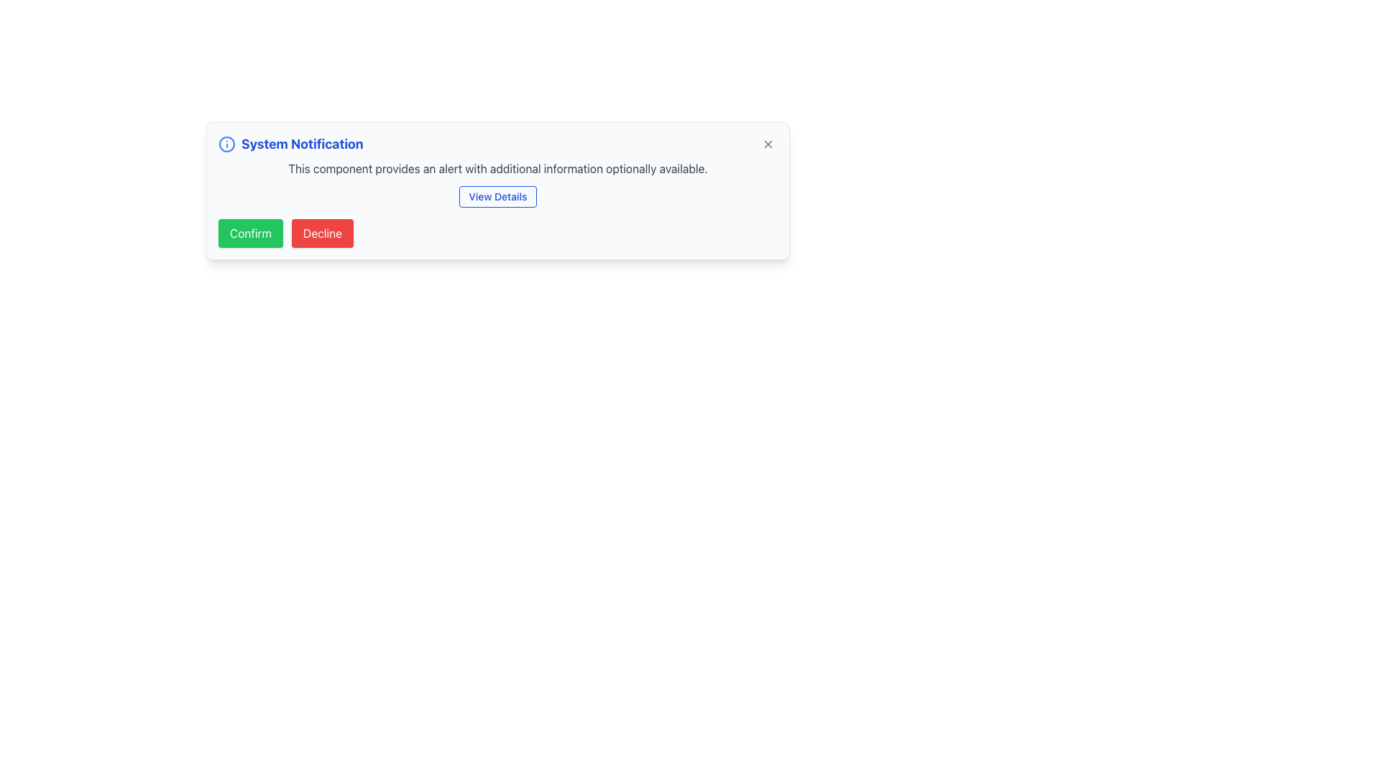 This screenshot has width=1380, height=776. Describe the element at coordinates (768, 144) in the screenshot. I see `the close button located in the top-right corner of the notification card` at that location.